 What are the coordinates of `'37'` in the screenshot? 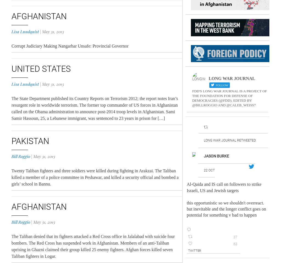 It's located at (235, 237).